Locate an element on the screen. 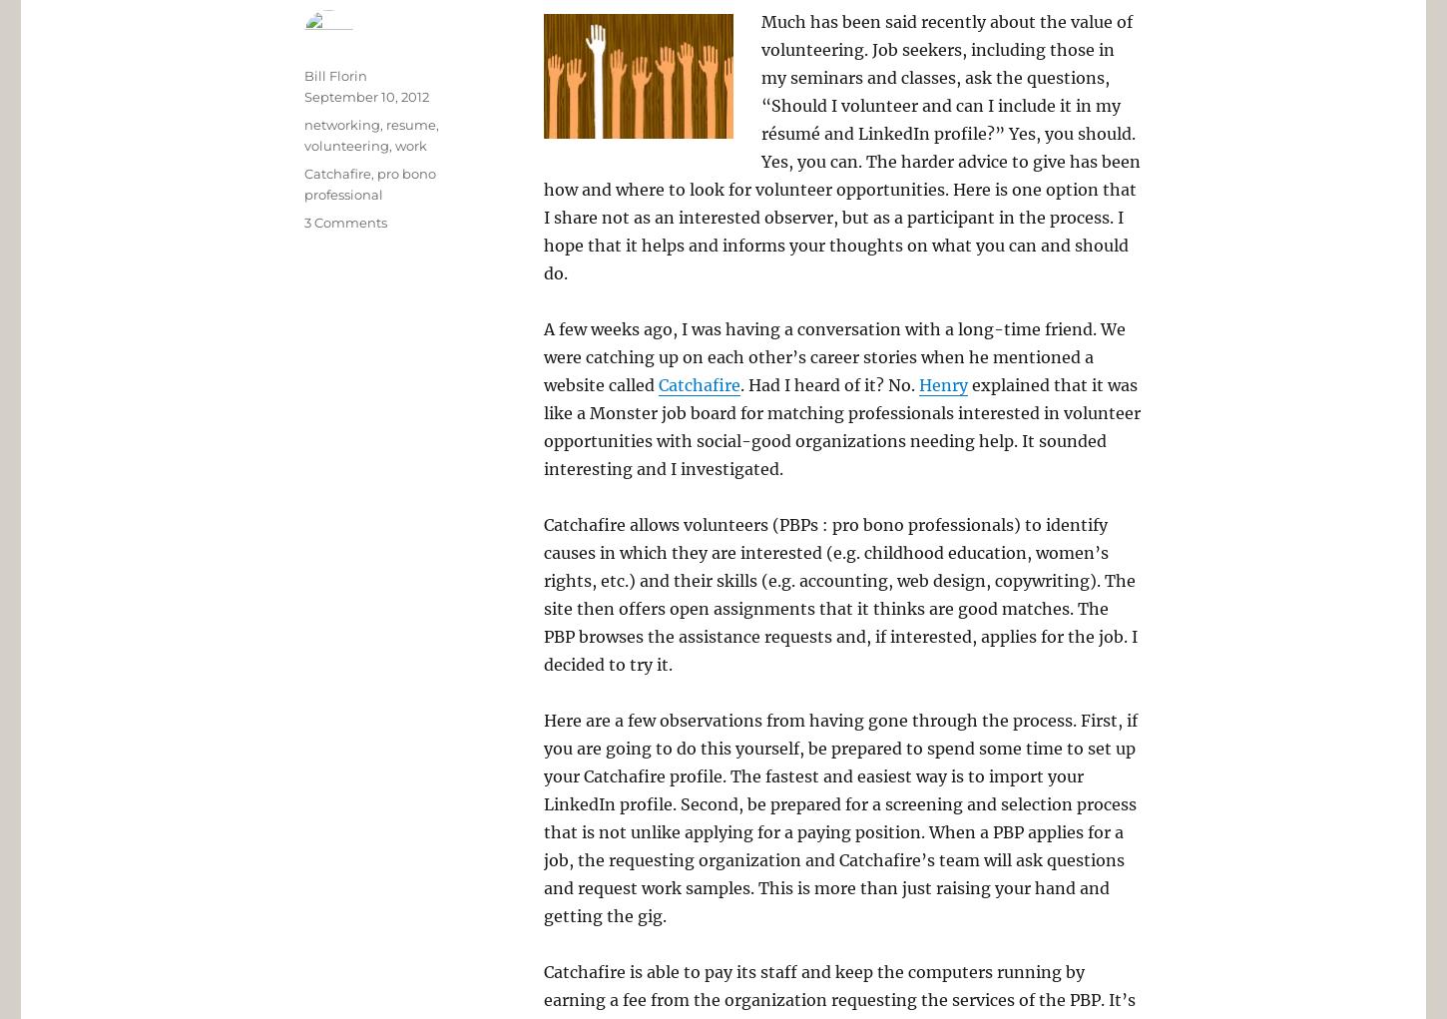 This screenshot has width=1447, height=1019. 'Much has been said recently about the value of volunteering. Job seekers, including those in my seminars and classes, ask the questions, “Should I volunteer and can I include it in my résumé and LinkedIn profile?” Yes, you should. Yes, you can. The harder advice to give has been how and where to look for volunteer opportunities. Here is one option that I share not as an interested observer, but as a participant in the process. I hope that it helps and informs your thoughts on what you can and should do.' is located at coordinates (842, 148).